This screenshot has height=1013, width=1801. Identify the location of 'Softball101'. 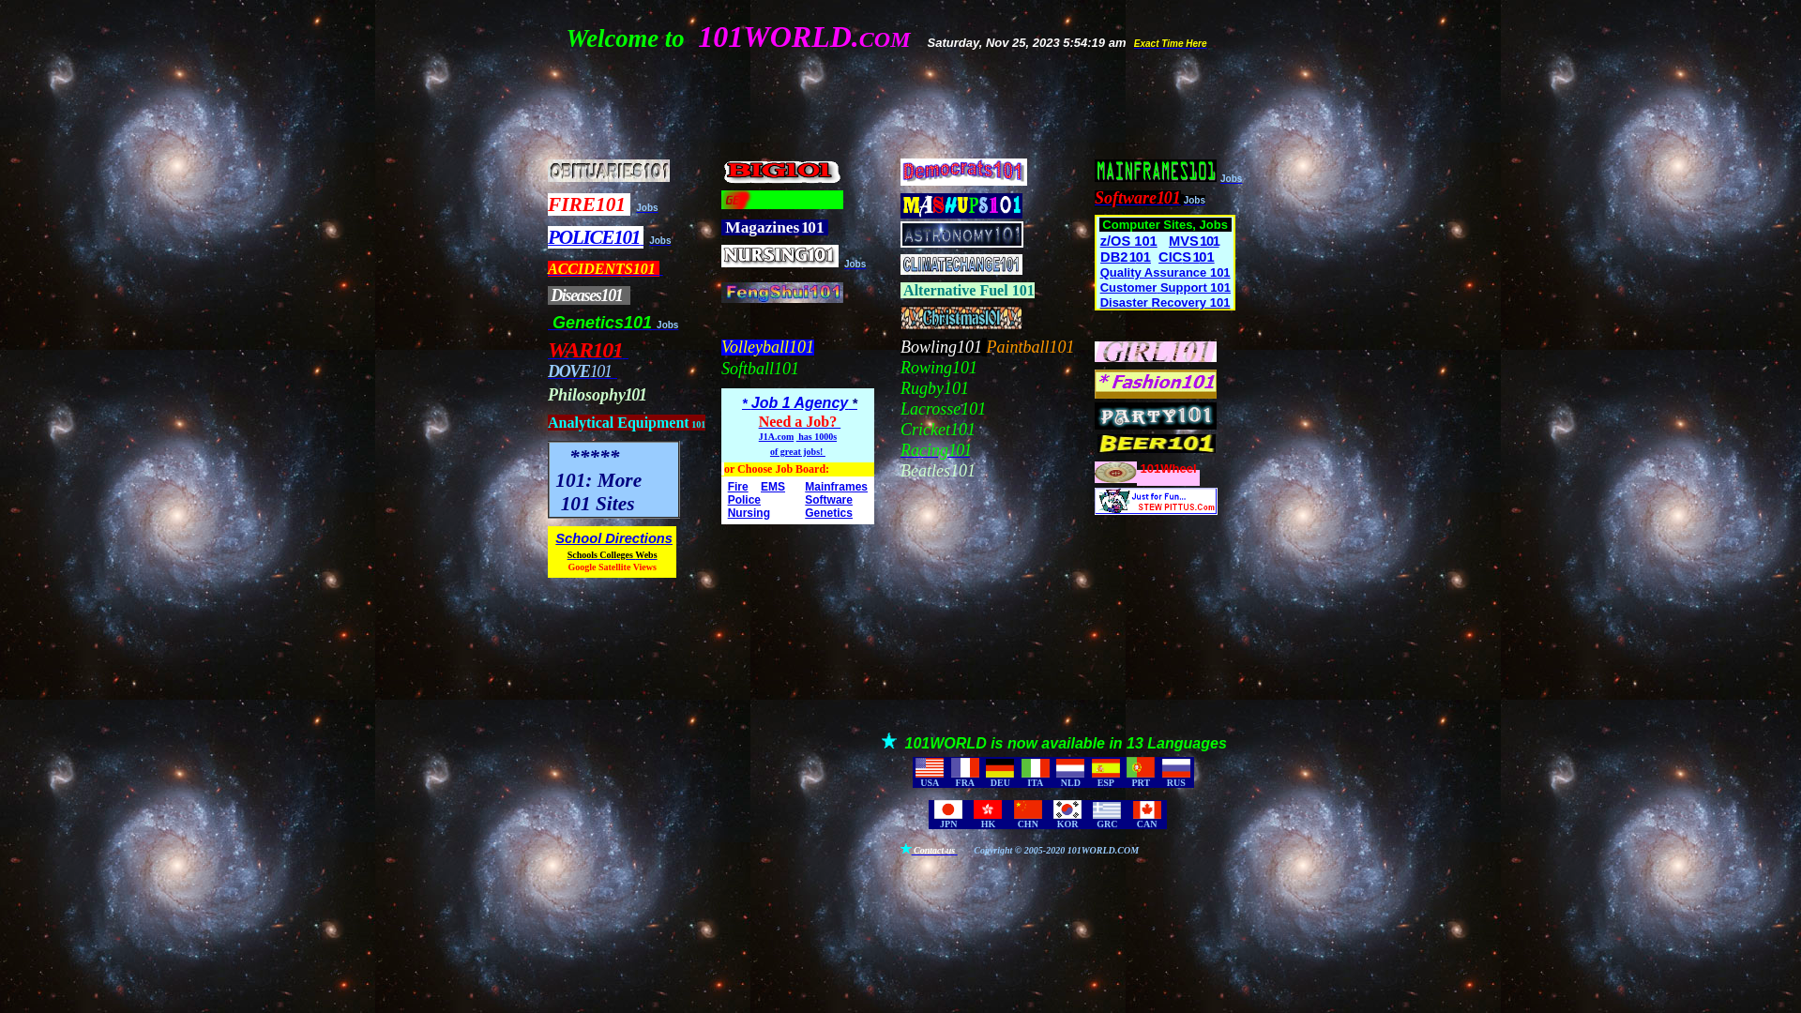
(760, 369).